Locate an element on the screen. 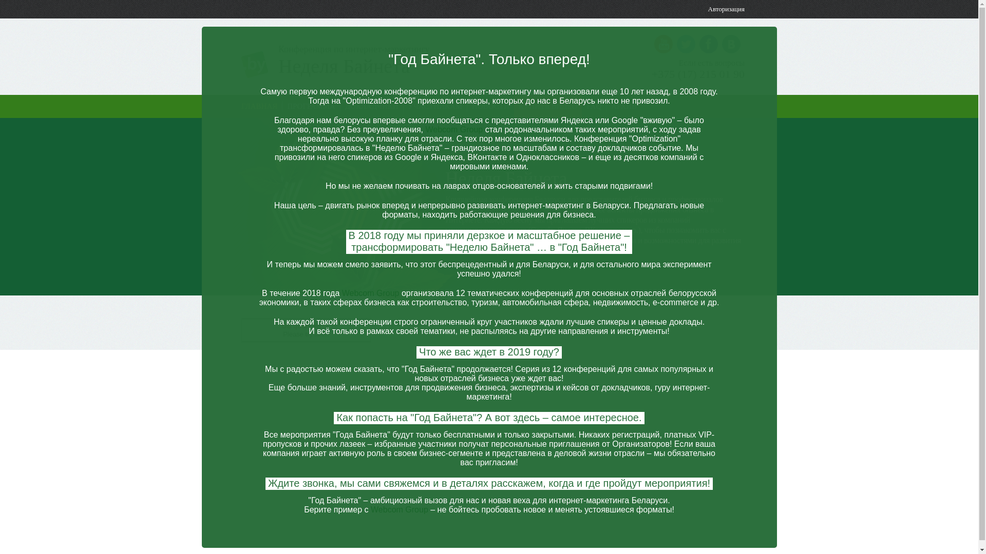 This screenshot has width=986, height=554. 'FAQ' is located at coordinates (594, 106).